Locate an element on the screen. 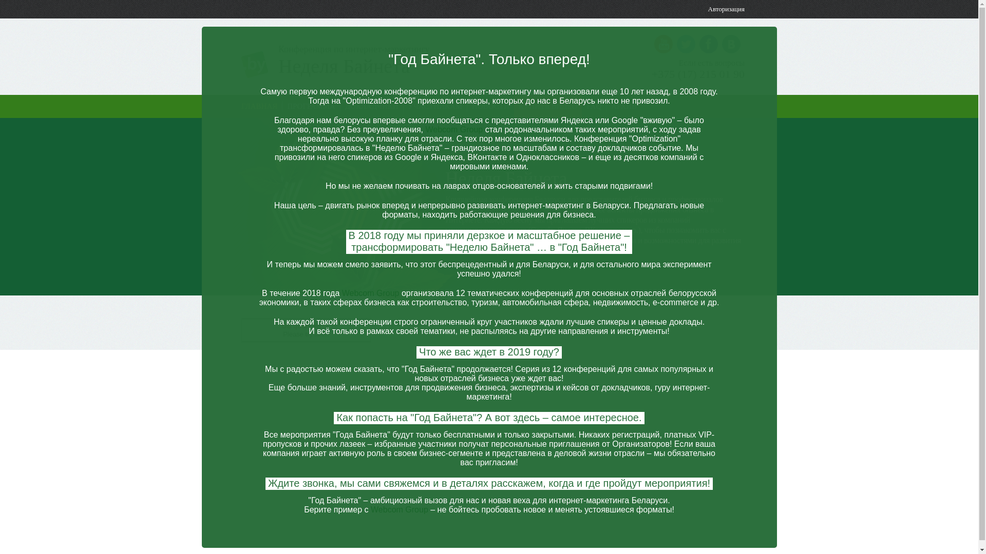 This screenshot has width=986, height=554. 'FAQ' is located at coordinates (594, 106).